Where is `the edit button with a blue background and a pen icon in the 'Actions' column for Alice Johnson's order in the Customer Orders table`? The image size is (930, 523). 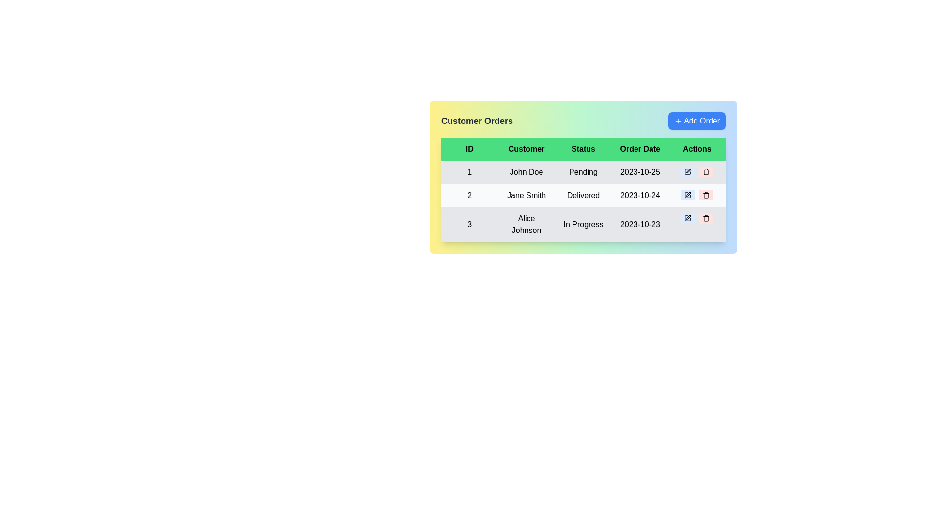 the edit button with a blue background and a pen icon in the 'Actions' column for Alice Johnson's order in the Customer Orders table is located at coordinates (687, 218).